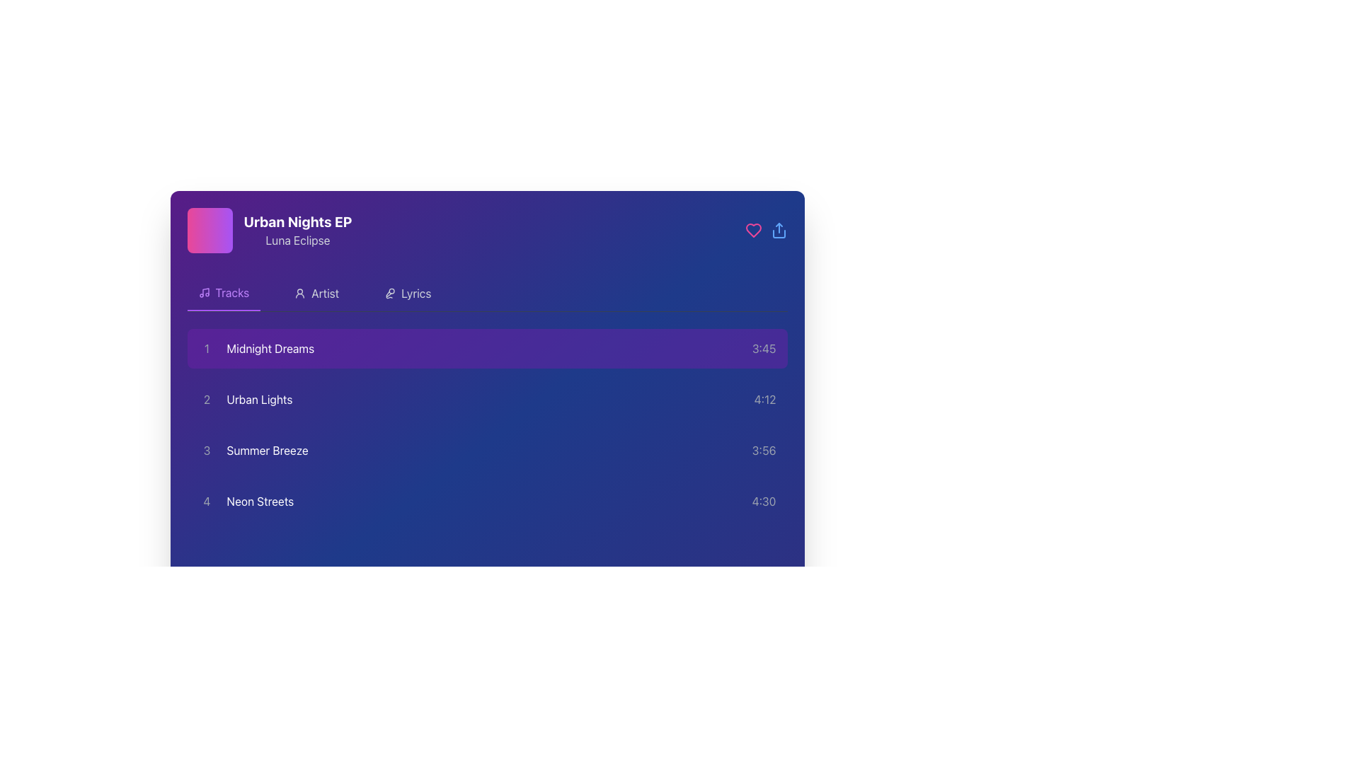 The width and height of the screenshot is (1359, 764). I want to click on the 'Tracks' button in the navigation bar of the music application to possibly reveal a tooltip or change its style, so click(223, 293).